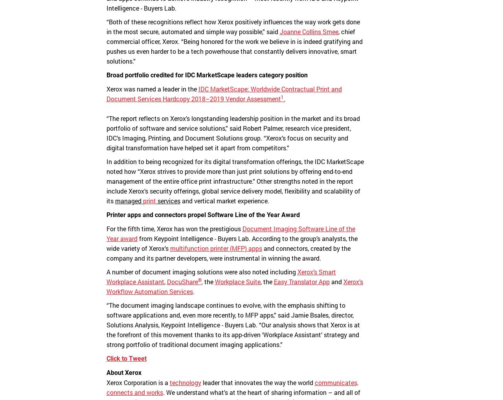 This screenshot has width=503, height=400. Describe the element at coordinates (105, 325) in the screenshot. I see `'“The document imaging landscape continues to evolve, with the emphasis shifting to software applications and, even more recently, to MFP apps,” said Jamie Bsales, director, Solutions Analysis, Keypoint Intelligence - Buyers Lab. “Our analysis shows that Xerox is at the forefront of this movement thanks to its app-driven ‘Workplace Assistant’ strategy and strong portfolio of traditional document imaging applications.”'` at that location.